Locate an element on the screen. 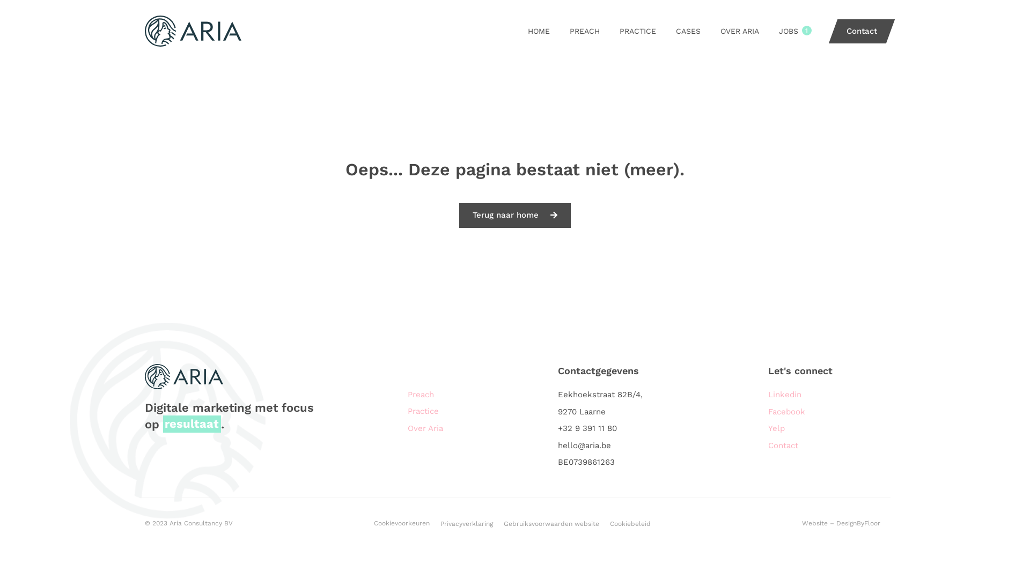  'CASES' is located at coordinates (688, 30).